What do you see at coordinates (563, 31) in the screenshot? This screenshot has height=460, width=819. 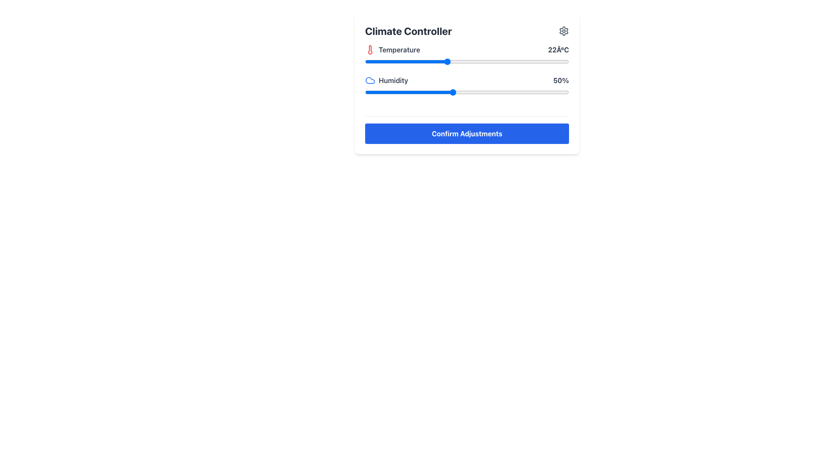 I see `the settings icon in the 'Climate Controller' interface` at bounding box center [563, 31].